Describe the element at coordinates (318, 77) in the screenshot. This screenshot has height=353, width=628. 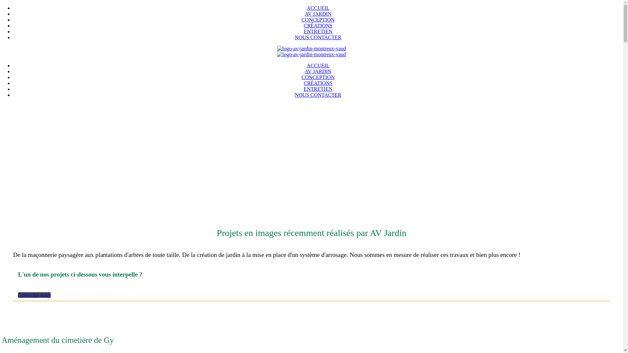
I see `'CONCEPTION'` at that location.